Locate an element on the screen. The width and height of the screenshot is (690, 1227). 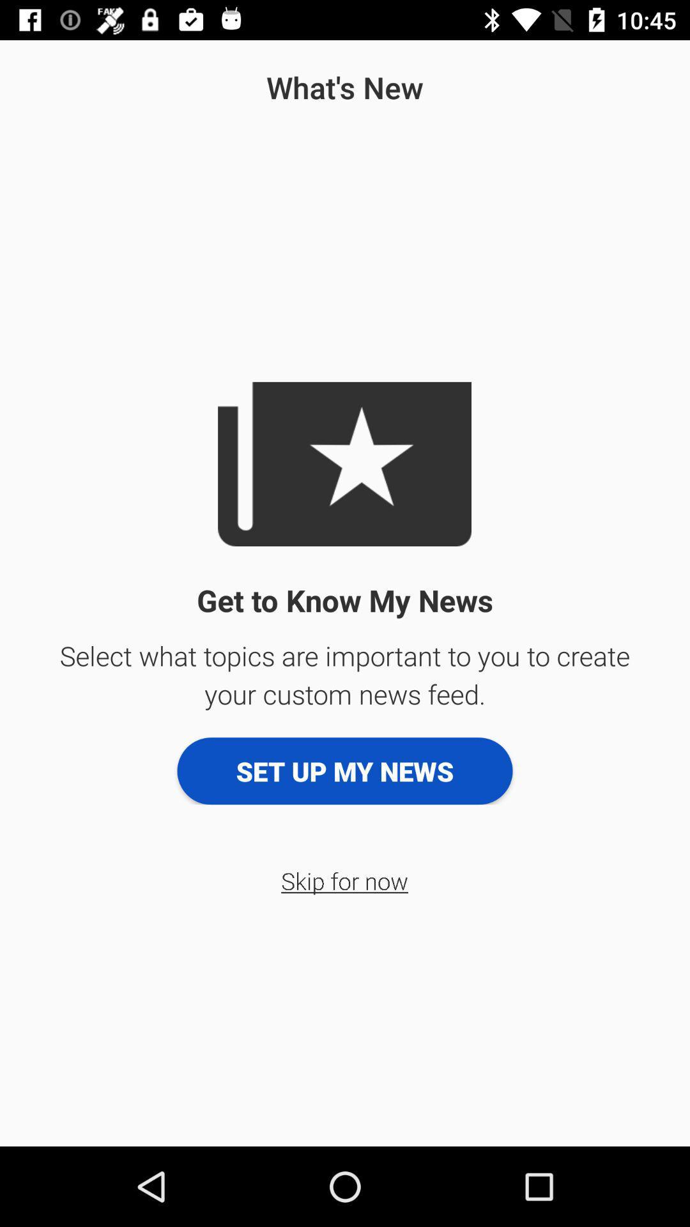
the button below set up my item is located at coordinates (344, 880).